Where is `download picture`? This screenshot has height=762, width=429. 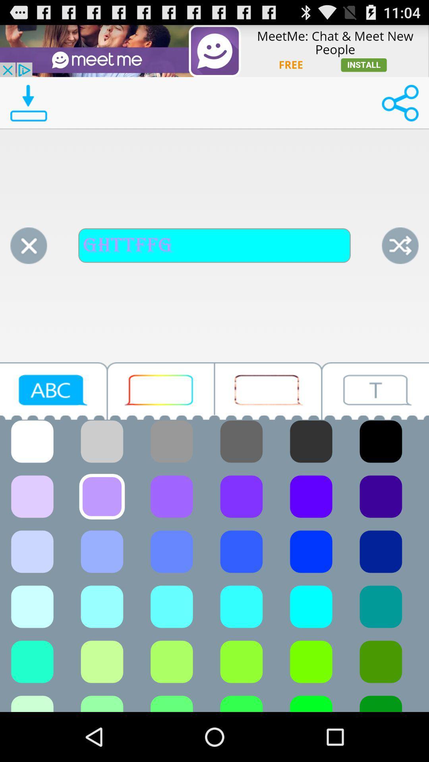
download picture is located at coordinates (28, 102).